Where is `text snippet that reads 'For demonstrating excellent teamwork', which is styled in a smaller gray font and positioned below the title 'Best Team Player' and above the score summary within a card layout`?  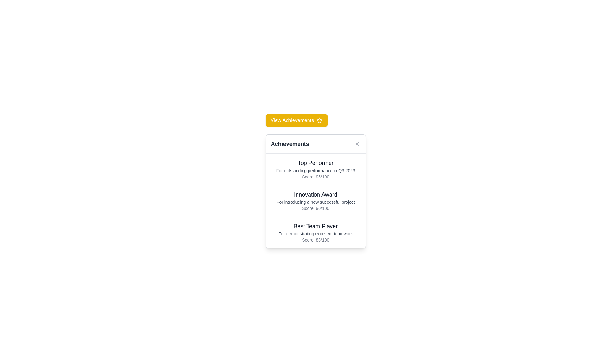
text snippet that reads 'For demonstrating excellent teamwork', which is styled in a smaller gray font and positioned below the title 'Best Team Player' and above the score summary within a card layout is located at coordinates (315, 234).